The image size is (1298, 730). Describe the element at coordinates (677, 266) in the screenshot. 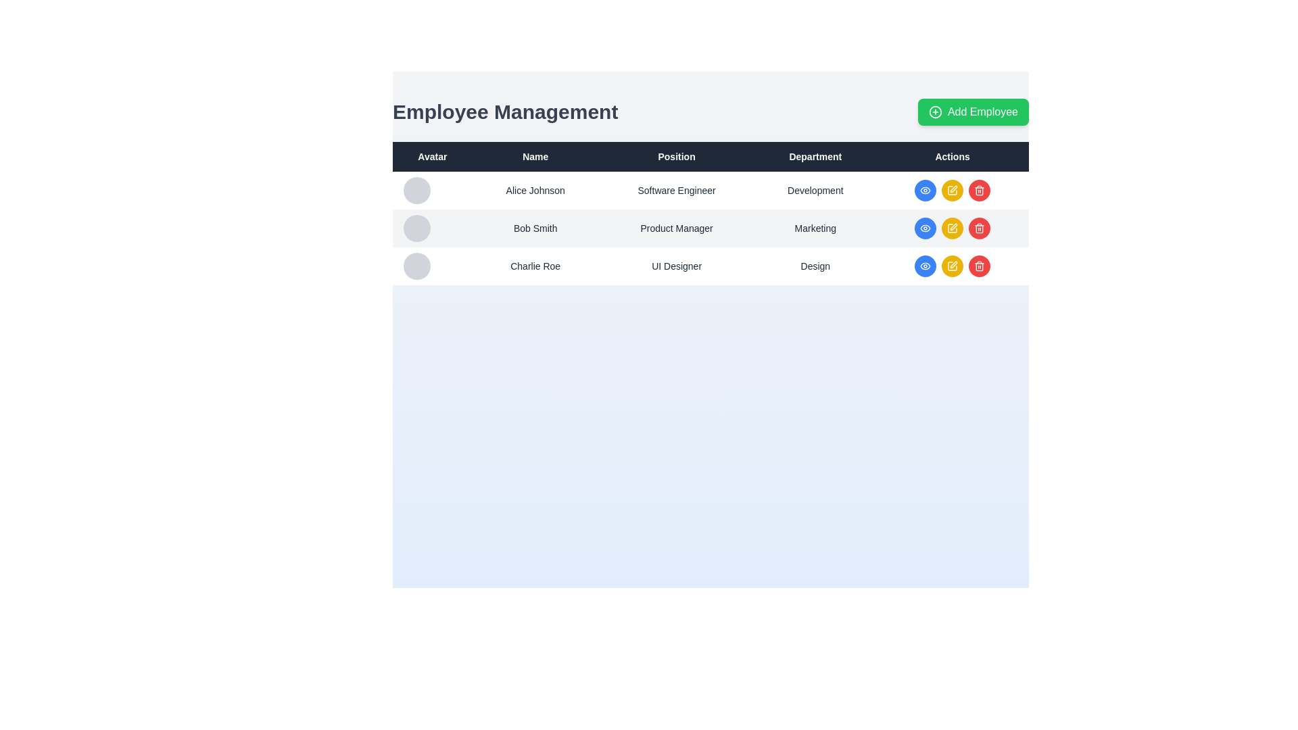

I see `the 'Position' Text Label for the employee 'Charlie Roe' in the table, which displays the job title` at that location.